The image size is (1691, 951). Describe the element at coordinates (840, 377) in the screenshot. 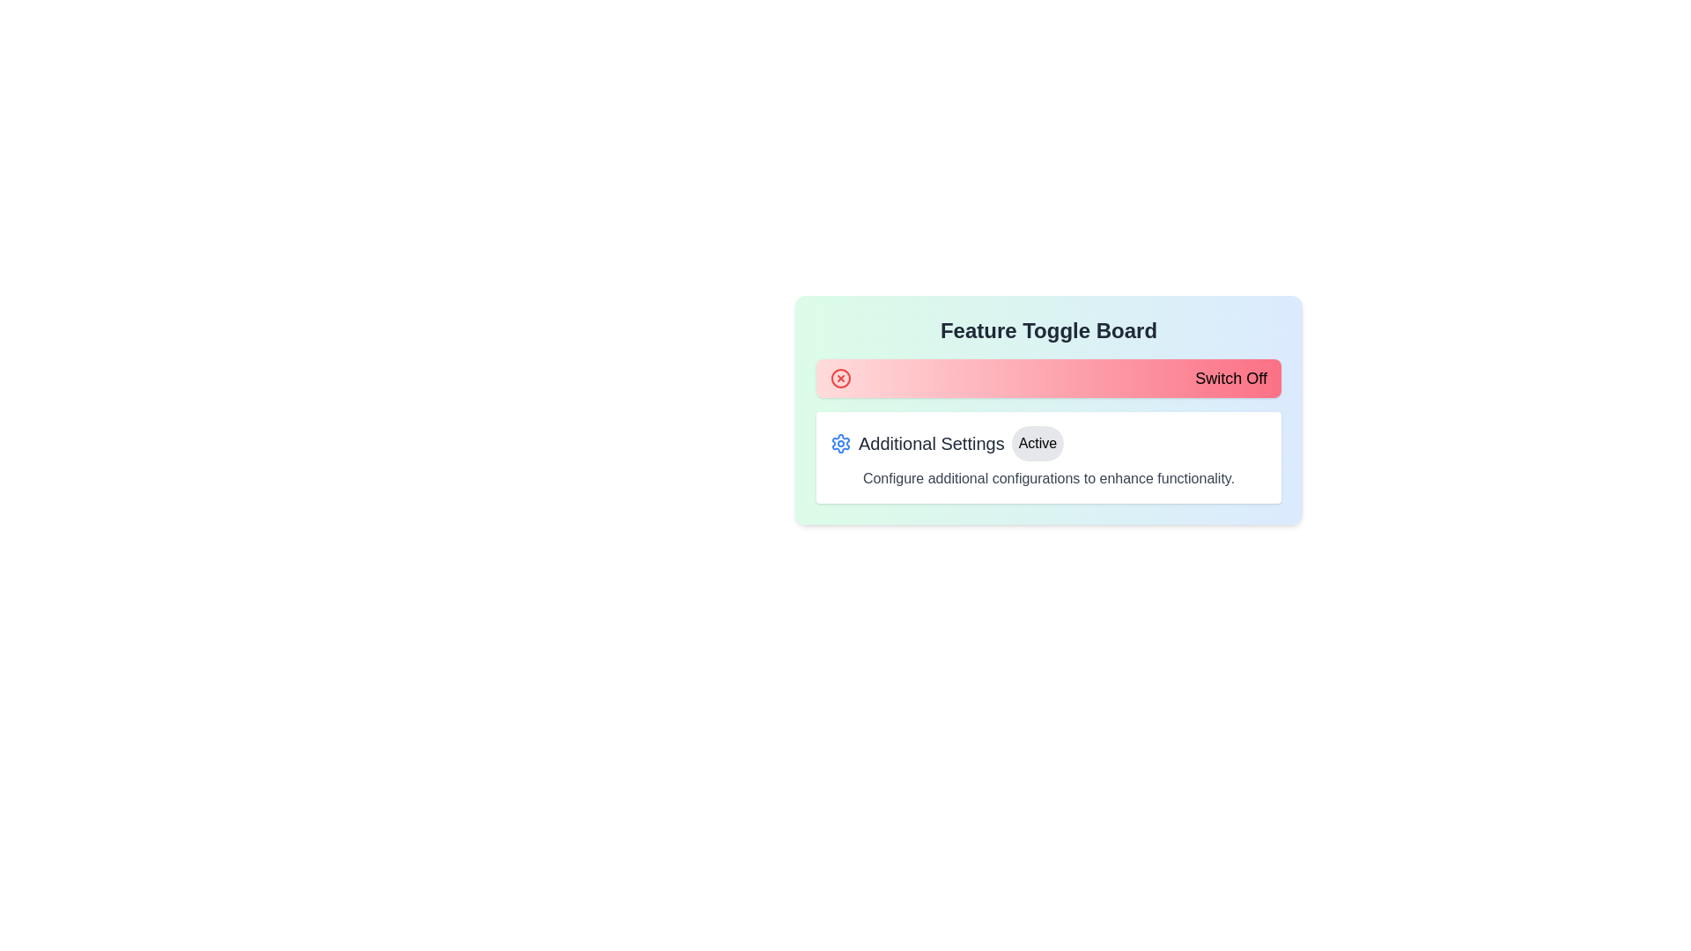

I see `the red circular icon resembling a cancel or close symbol located on the left side of the 'Switch Off' control bar` at that location.